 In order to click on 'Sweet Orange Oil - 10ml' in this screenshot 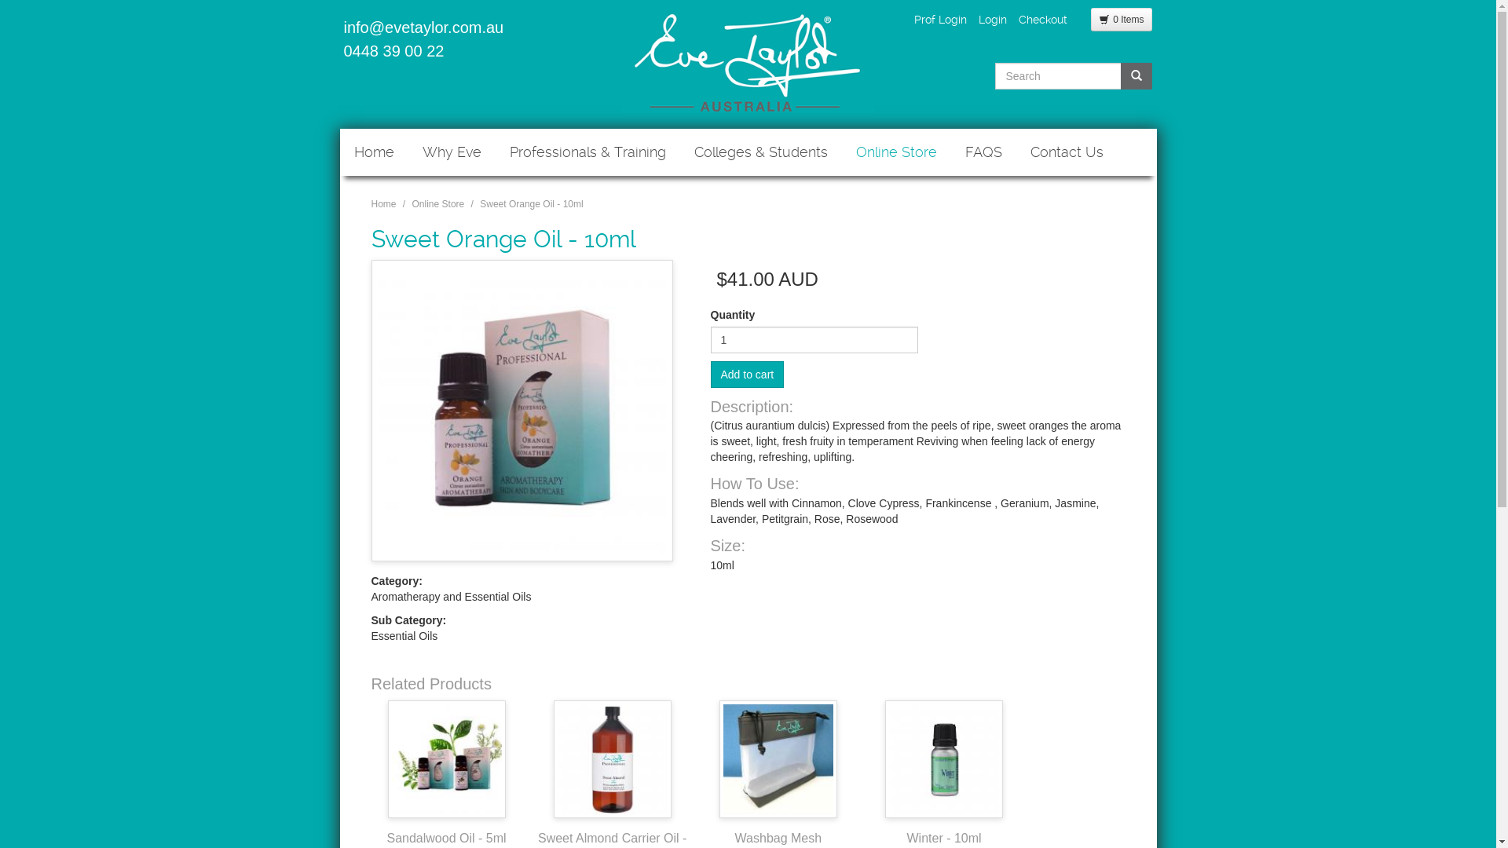, I will do `click(521, 410)`.